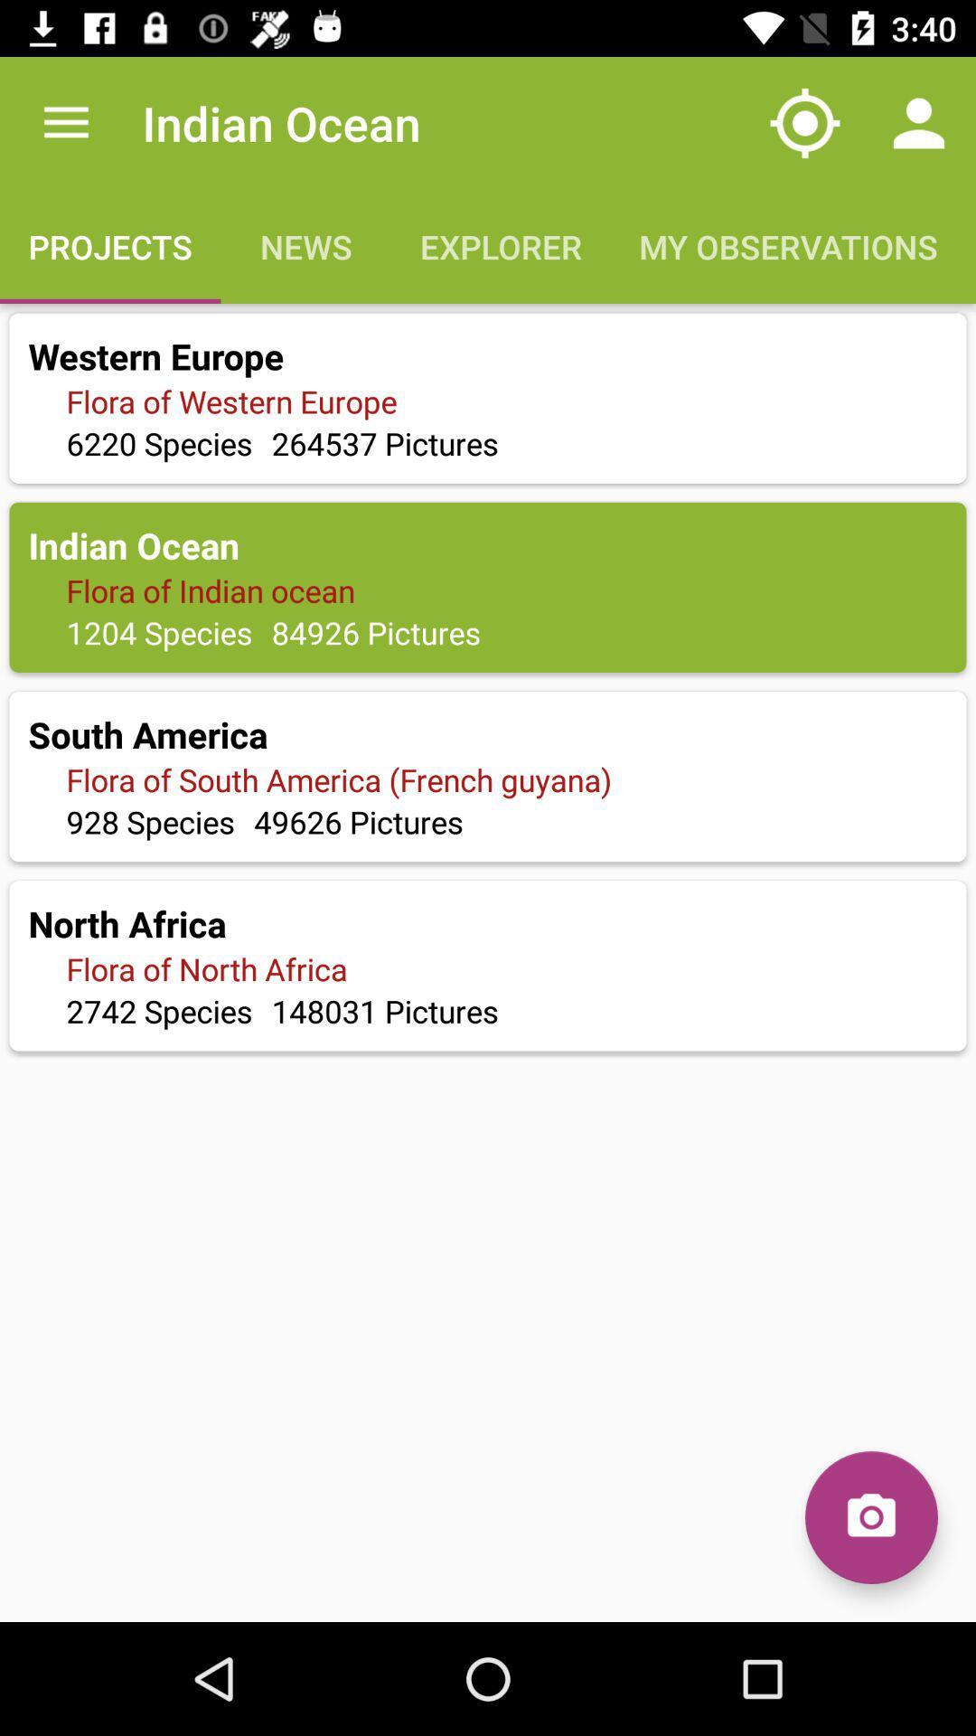 This screenshot has width=976, height=1736. What do you see at coordinates (65, 122) in the screenshot?
I see `the icon above the projects icon` at bounding box center [65, 122].